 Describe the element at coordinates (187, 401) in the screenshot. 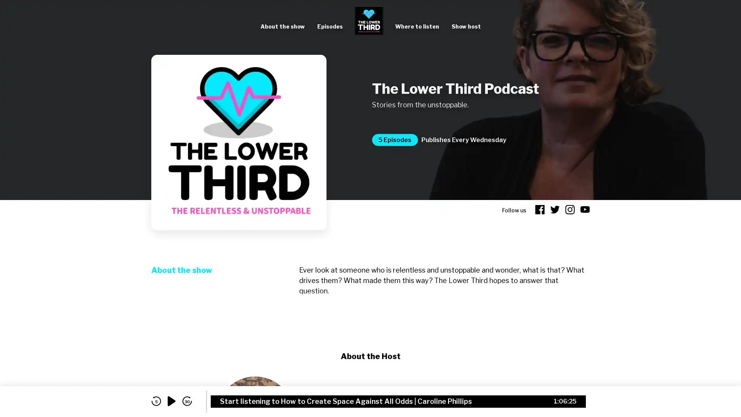

I see `skip forward 30 seconds` at that location.